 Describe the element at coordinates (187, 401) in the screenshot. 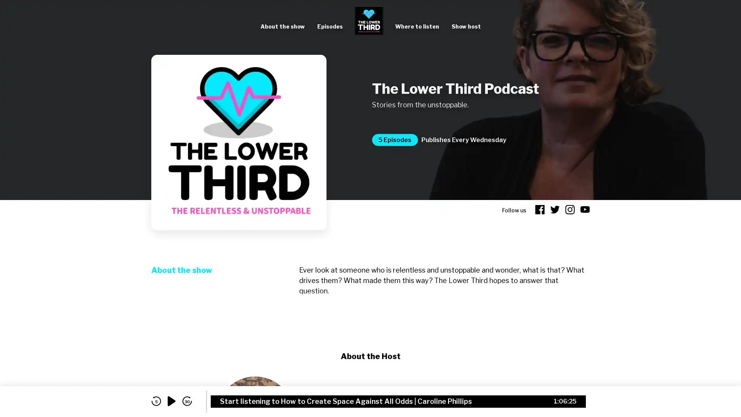

I see `skip forward 30 seconds` at that location.